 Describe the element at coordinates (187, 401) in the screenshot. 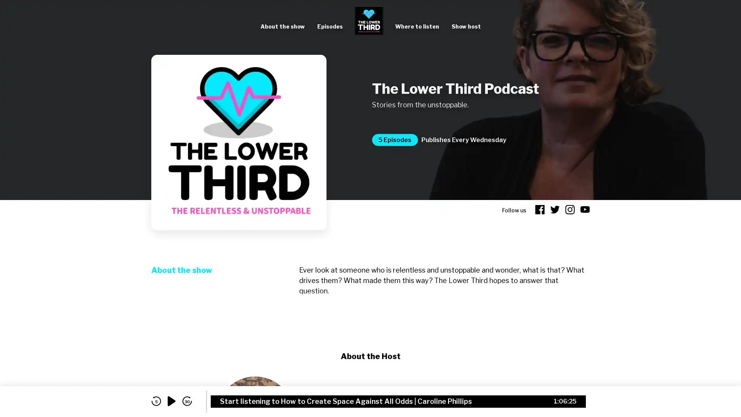

I see `skip forward 30 seconds` at that location.